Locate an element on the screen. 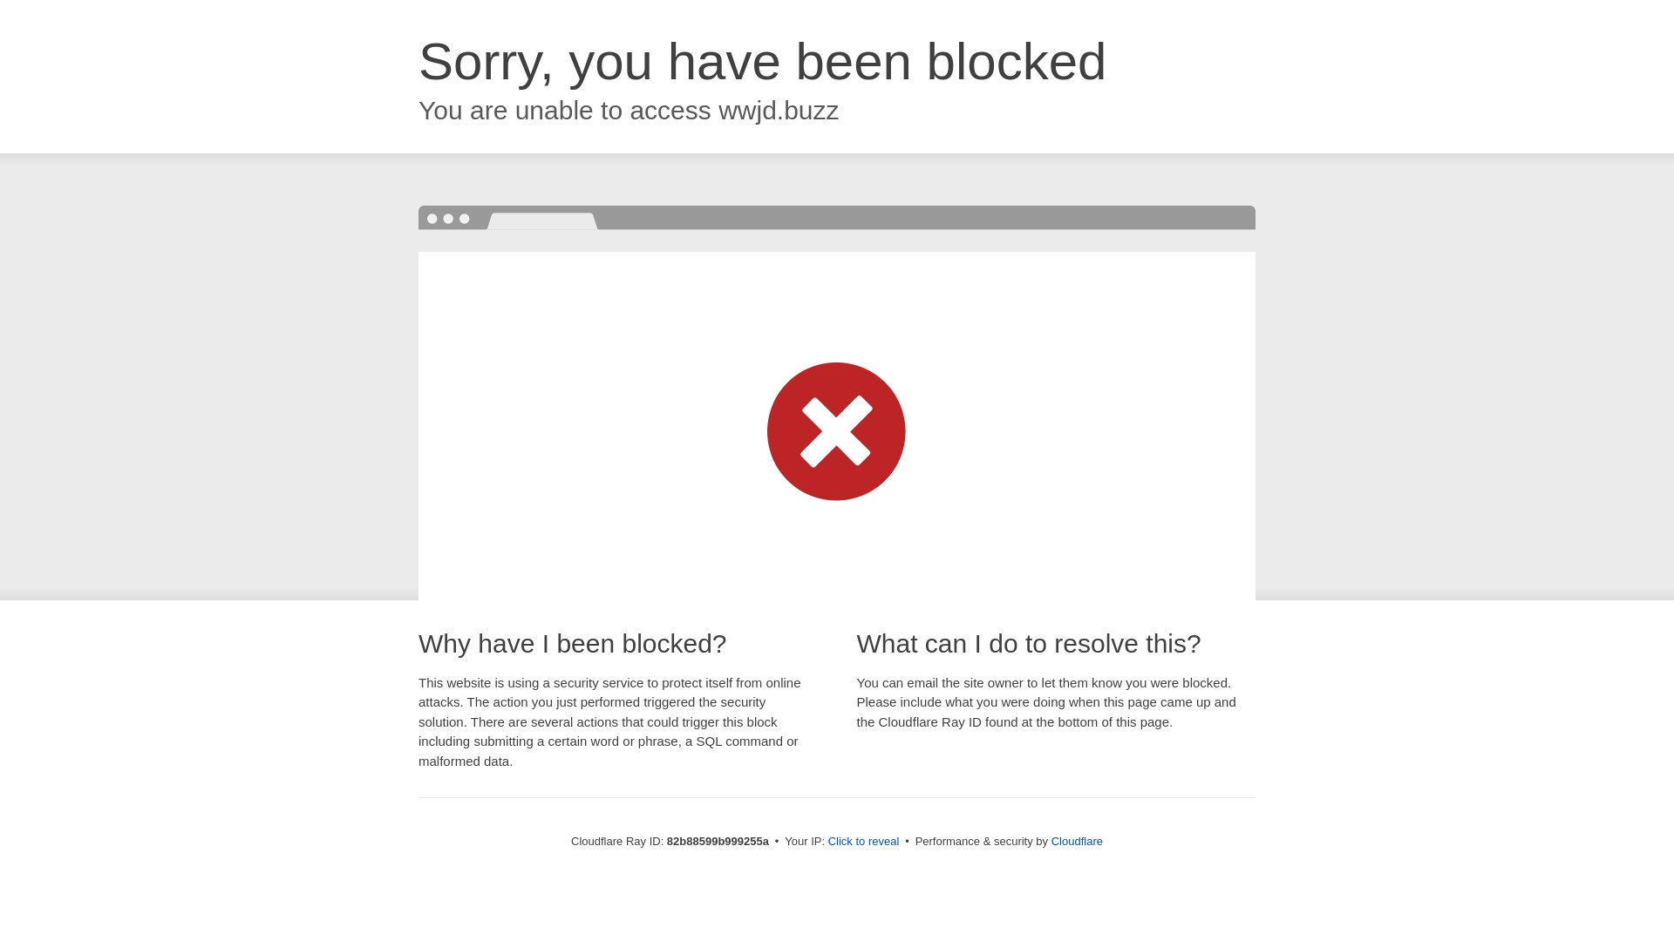 This screenshot has height=941, width=1674. 'Click to reveal' is located at coordinates (863, 840).